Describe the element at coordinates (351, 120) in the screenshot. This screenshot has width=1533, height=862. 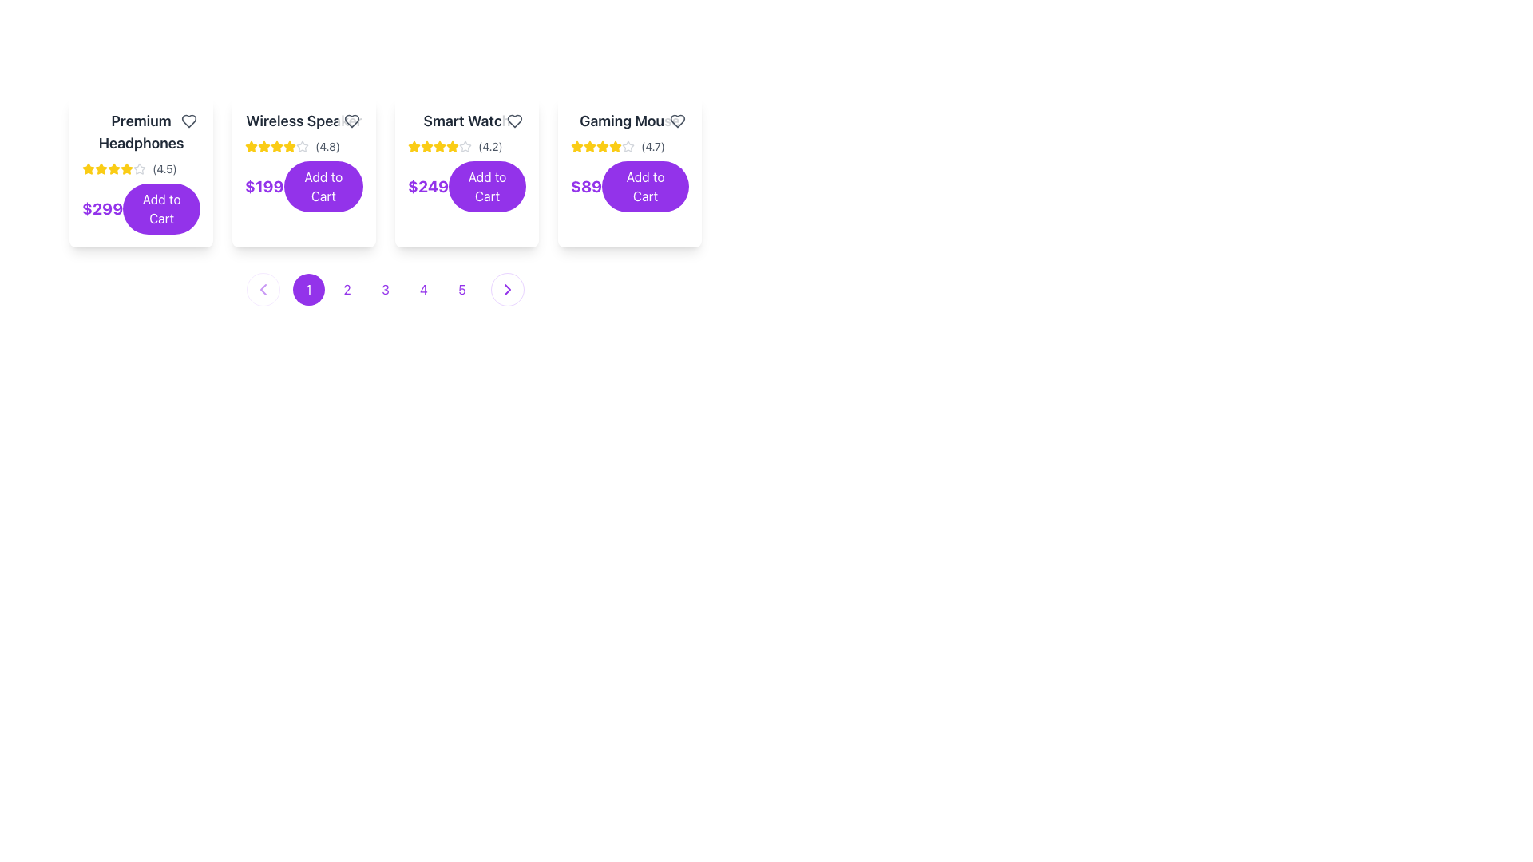
I see `the favorite icon button located in the top-right corner of the 'Wireless Speaker' product card` at that location.